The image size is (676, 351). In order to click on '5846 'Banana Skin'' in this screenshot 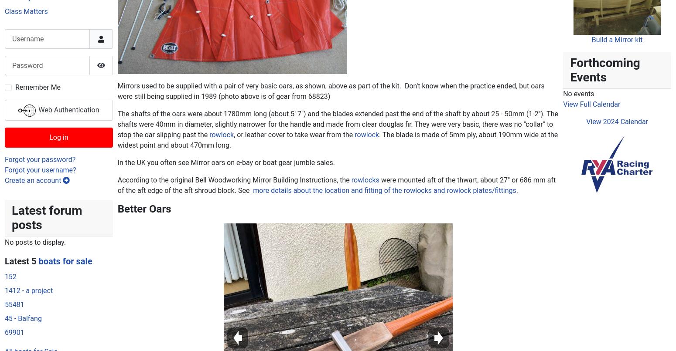, I will do `click(473, 312)`.